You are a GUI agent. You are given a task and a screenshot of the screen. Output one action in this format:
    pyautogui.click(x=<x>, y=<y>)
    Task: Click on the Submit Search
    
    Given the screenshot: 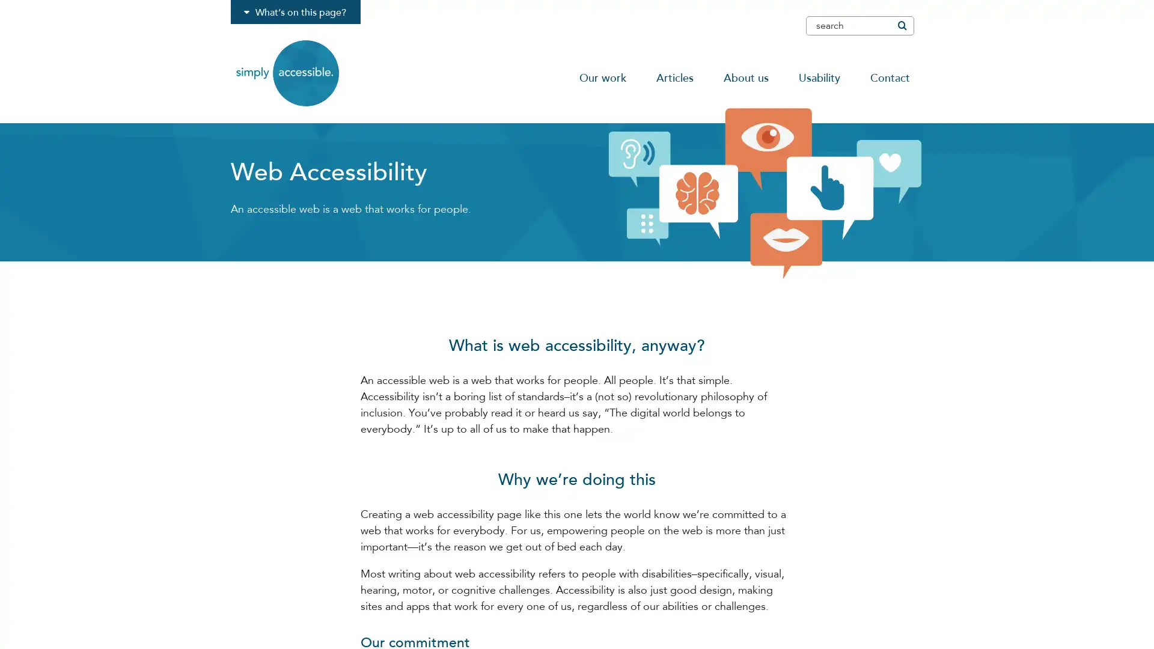 What is the action you would take?
    pyautogui.click(x=901, y=25)
    